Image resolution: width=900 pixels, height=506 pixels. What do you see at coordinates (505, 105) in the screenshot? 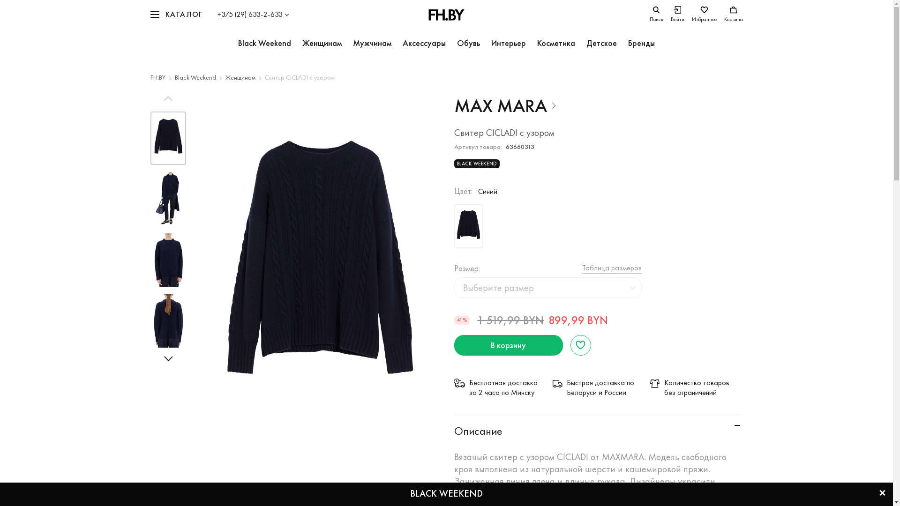
I see `'MAX` at bounding box center [505, 105].